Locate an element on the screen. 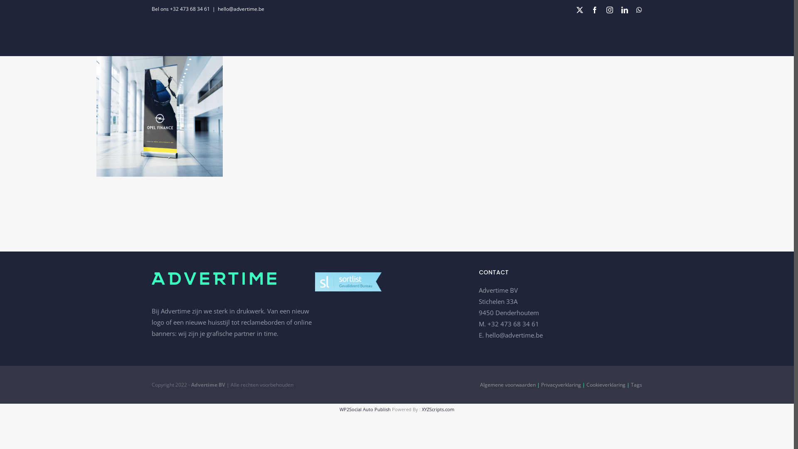 The width and height of the screenshot is (798, 449). 'Facebook' is located at coordinates (591, 10).